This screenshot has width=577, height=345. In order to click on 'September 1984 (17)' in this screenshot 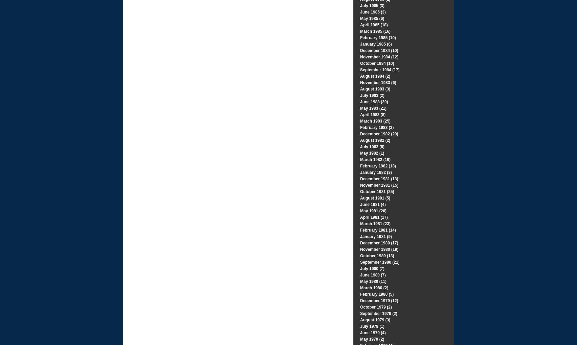, I will do `click(380, 70)`.